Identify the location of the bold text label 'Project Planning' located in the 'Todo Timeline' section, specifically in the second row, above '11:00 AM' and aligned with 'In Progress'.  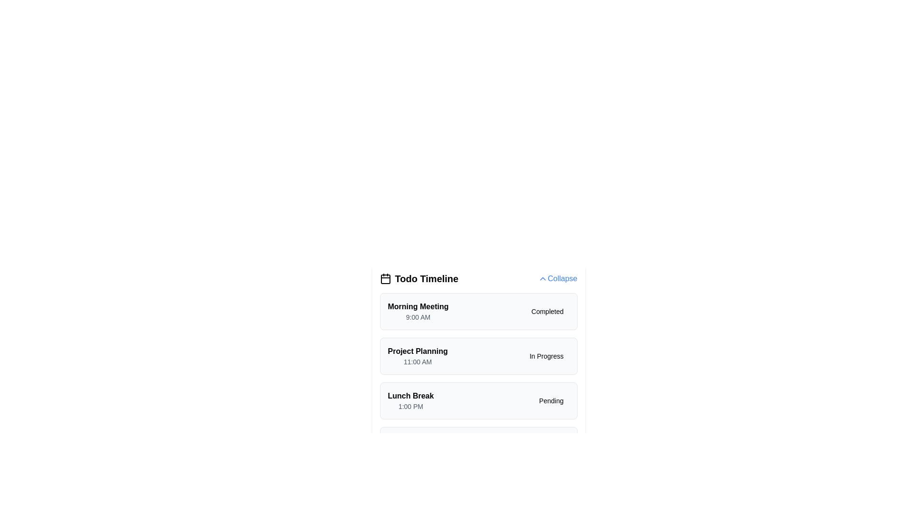
(418, 351).